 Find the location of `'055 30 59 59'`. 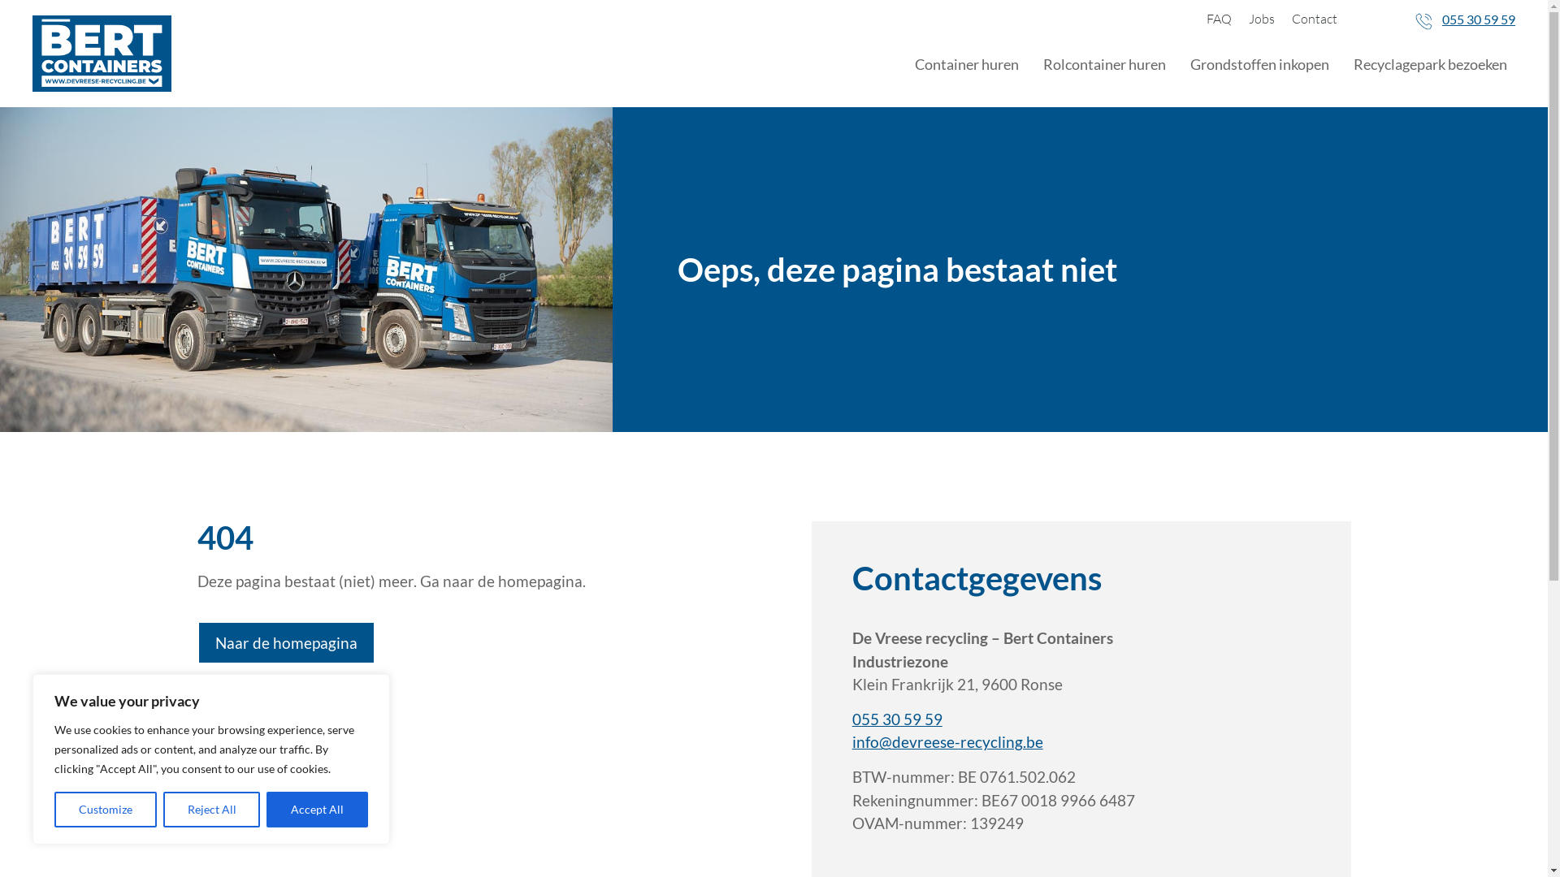

'055 30 59 59' is located at coordinates (1478, 19).